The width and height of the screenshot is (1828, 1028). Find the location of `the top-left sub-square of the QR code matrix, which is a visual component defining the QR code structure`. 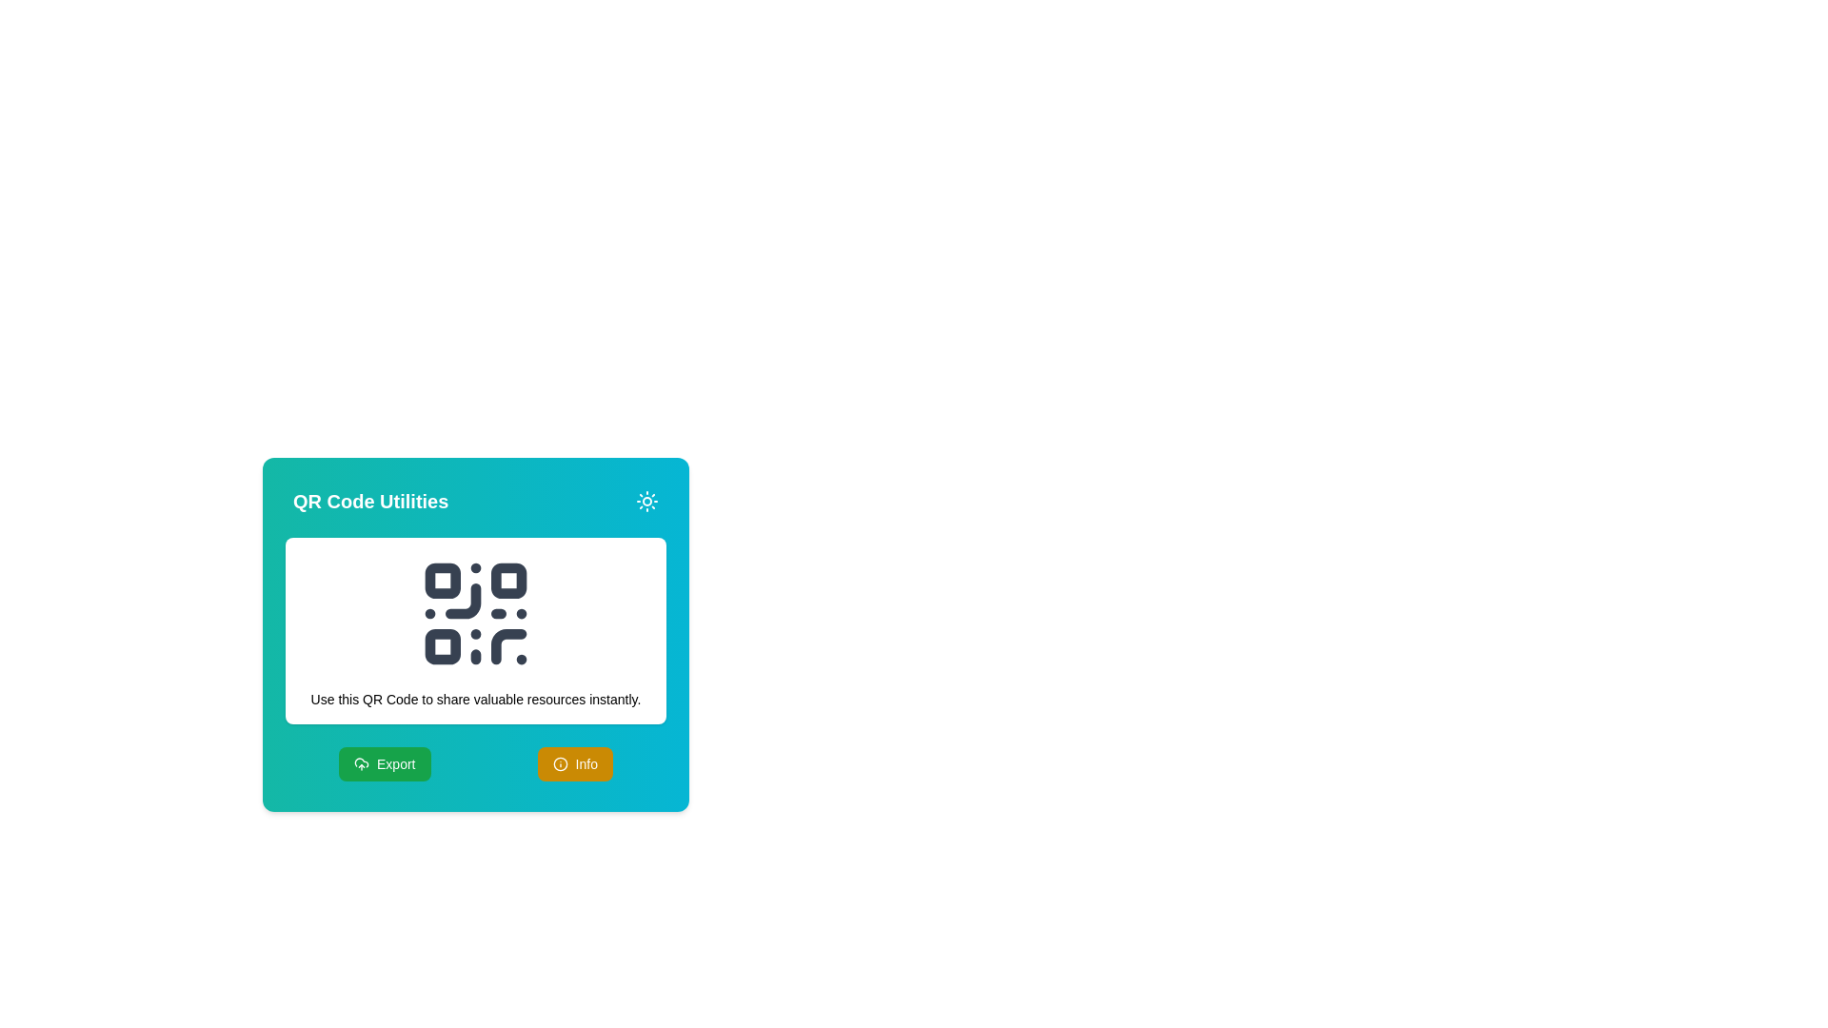

the top-left sub-square of the QR code matrix, which is a visual component defining the QR code structure is located at coordinates (442, 580).